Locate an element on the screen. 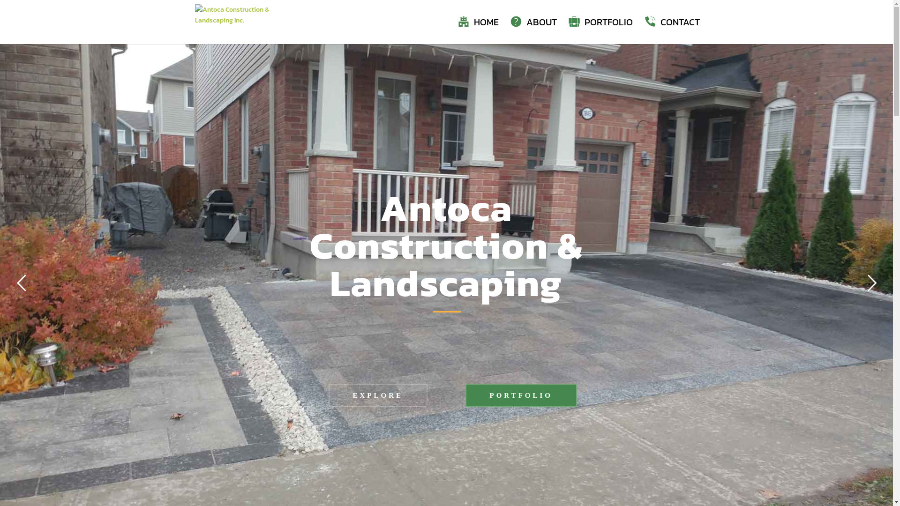 The width and height of the screenshot is (900, 506). 'PORTFOLIO' is located at coordinates (600, 30).